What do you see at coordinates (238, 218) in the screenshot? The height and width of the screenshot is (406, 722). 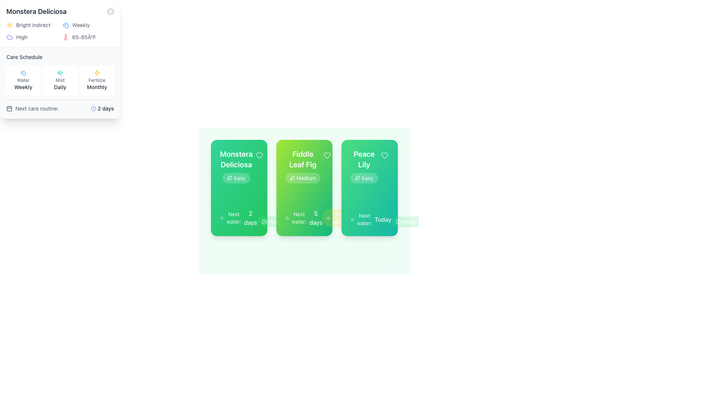 I see `informational text labeled 'Next water: 2 days' located at the bottom left of the green card titled 'Monstera Deliciosa'` at bounding box center [238, 218].